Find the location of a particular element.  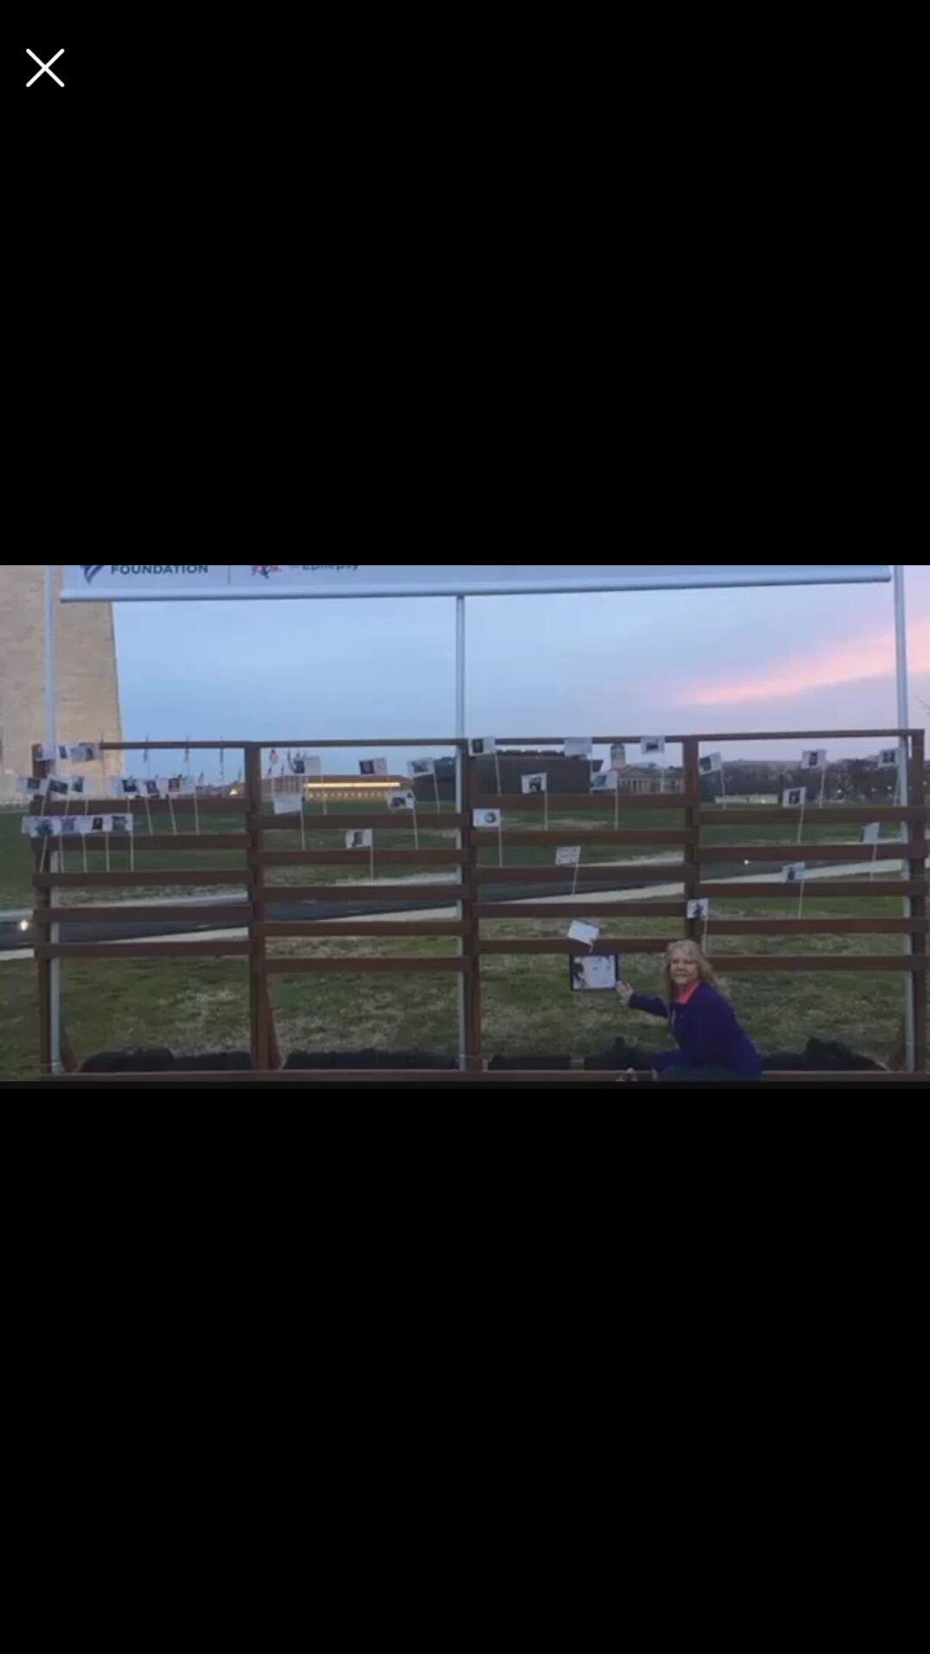

this page is located at coordinates (44, 67).